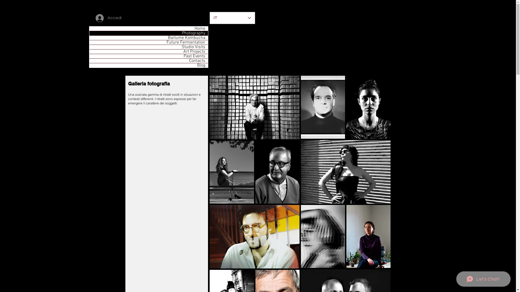  I want to click on 'TWIPLA (Visitor Analytics)', so click(515, 2).